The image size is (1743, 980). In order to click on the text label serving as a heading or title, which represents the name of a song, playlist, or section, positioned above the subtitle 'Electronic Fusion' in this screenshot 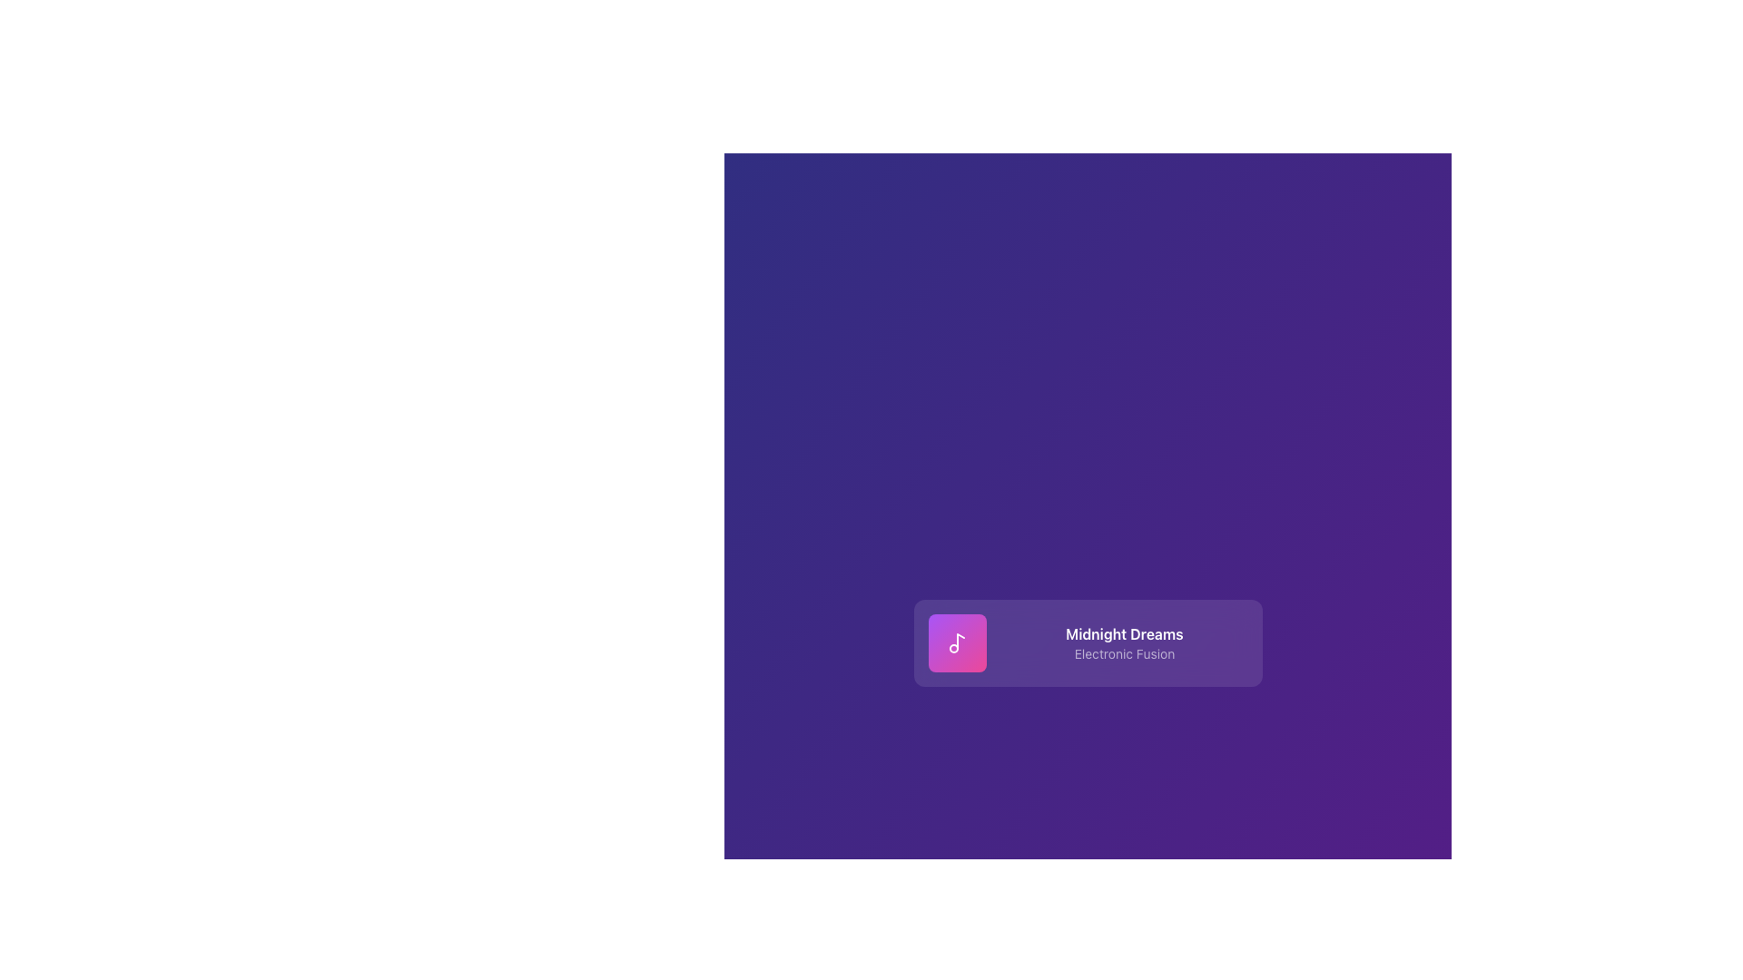, I will do `click(1123, 632)`.